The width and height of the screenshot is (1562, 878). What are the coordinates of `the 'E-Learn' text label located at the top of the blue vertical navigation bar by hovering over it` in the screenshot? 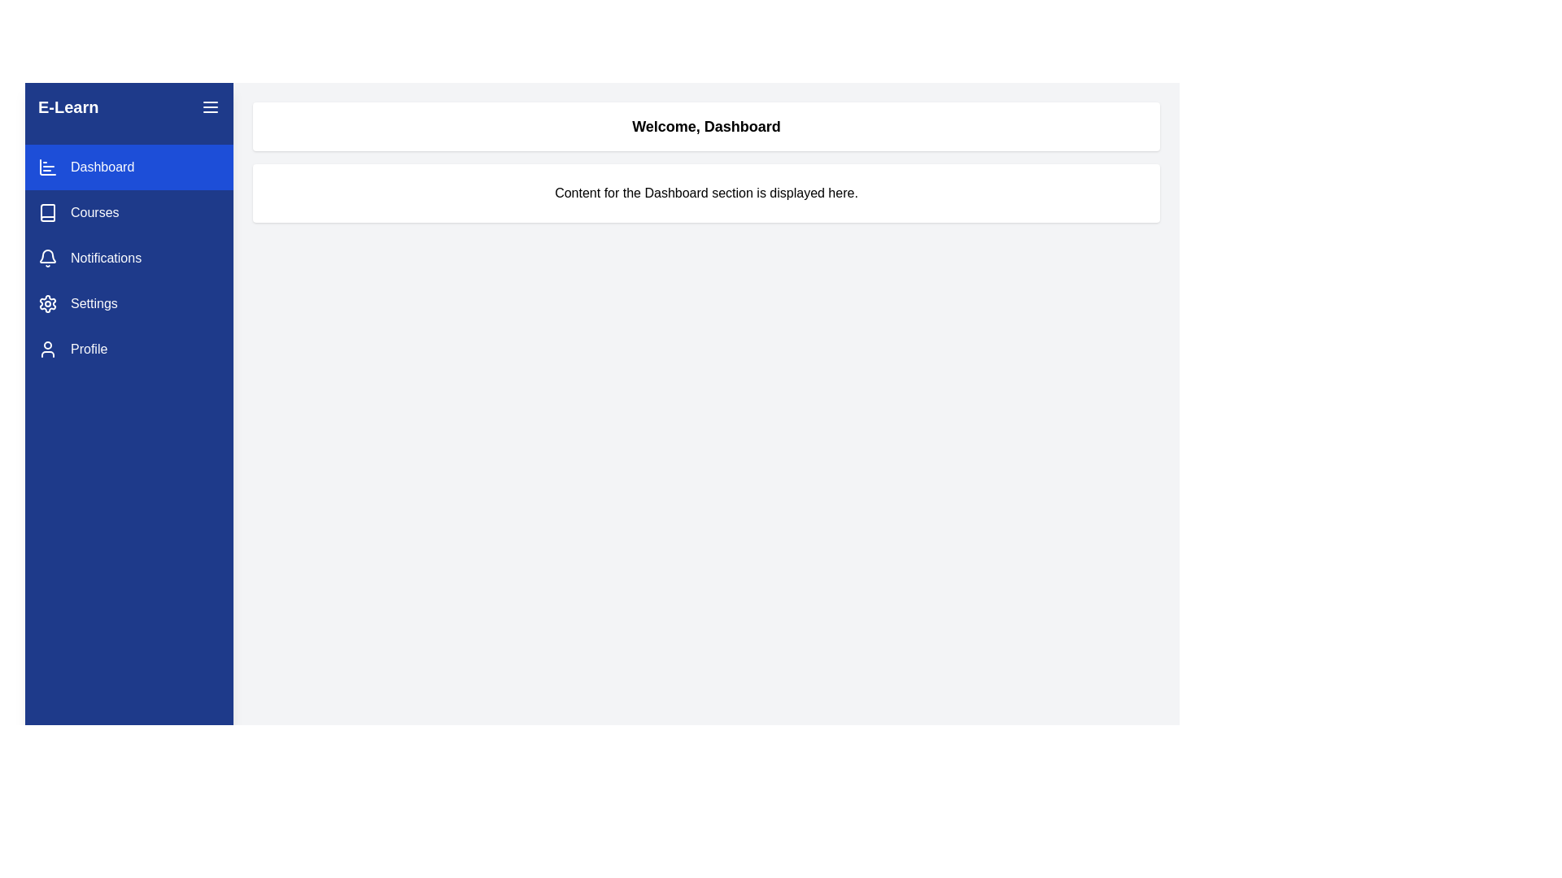 It's located at (128, 106).